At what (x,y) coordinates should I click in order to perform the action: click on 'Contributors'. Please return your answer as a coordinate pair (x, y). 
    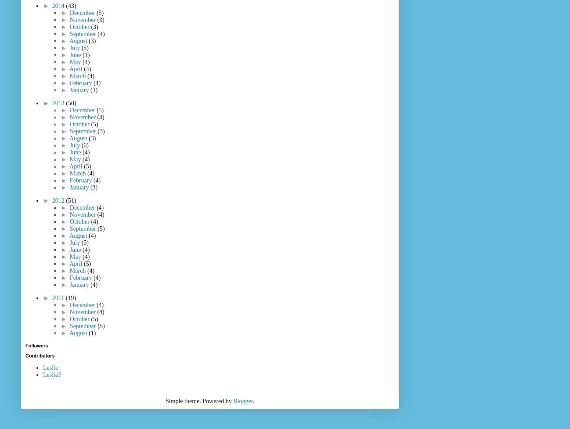
    Looking at the image, I should click on (40, 355).